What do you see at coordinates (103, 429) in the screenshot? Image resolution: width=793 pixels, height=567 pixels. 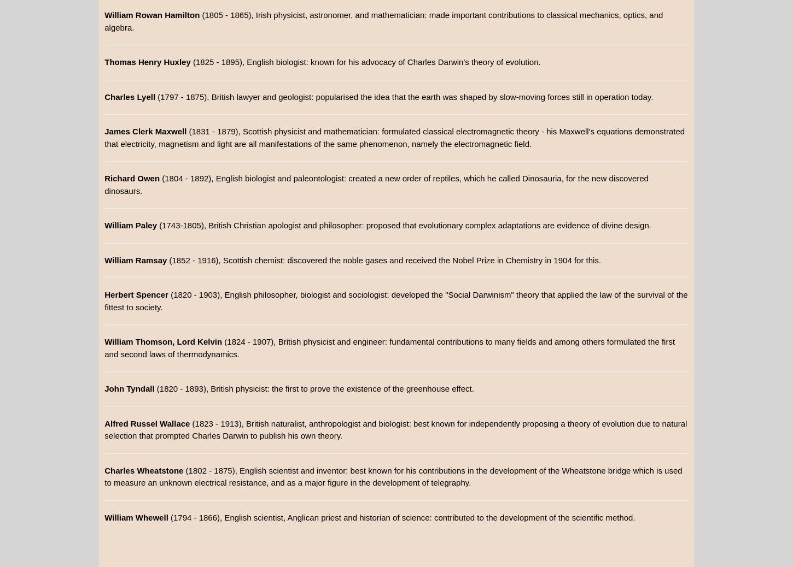 I see `'(1823 - 1913), British naturalist, anthropologist and biologist: best known for independently proposing a theory of evolution due to natural selection that prompted Charles Darwin to publish his own theory.'` at bounding box center [103, 429].